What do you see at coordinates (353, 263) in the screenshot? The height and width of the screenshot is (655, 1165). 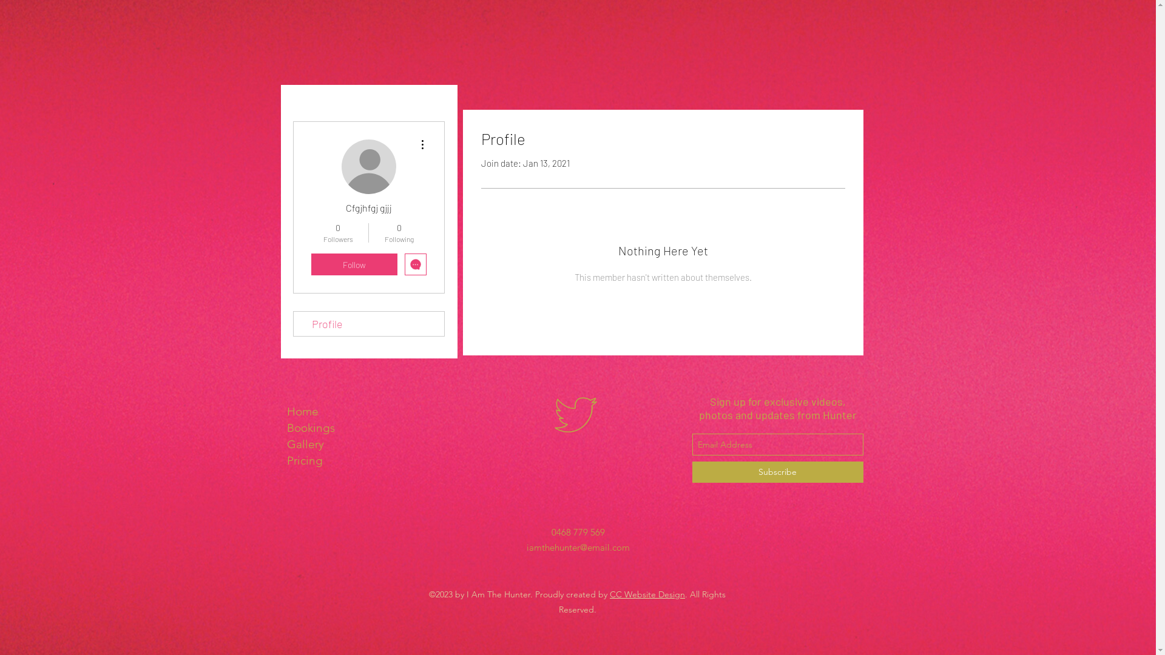 I see `'Follow'` at bounding box center [353, 263].